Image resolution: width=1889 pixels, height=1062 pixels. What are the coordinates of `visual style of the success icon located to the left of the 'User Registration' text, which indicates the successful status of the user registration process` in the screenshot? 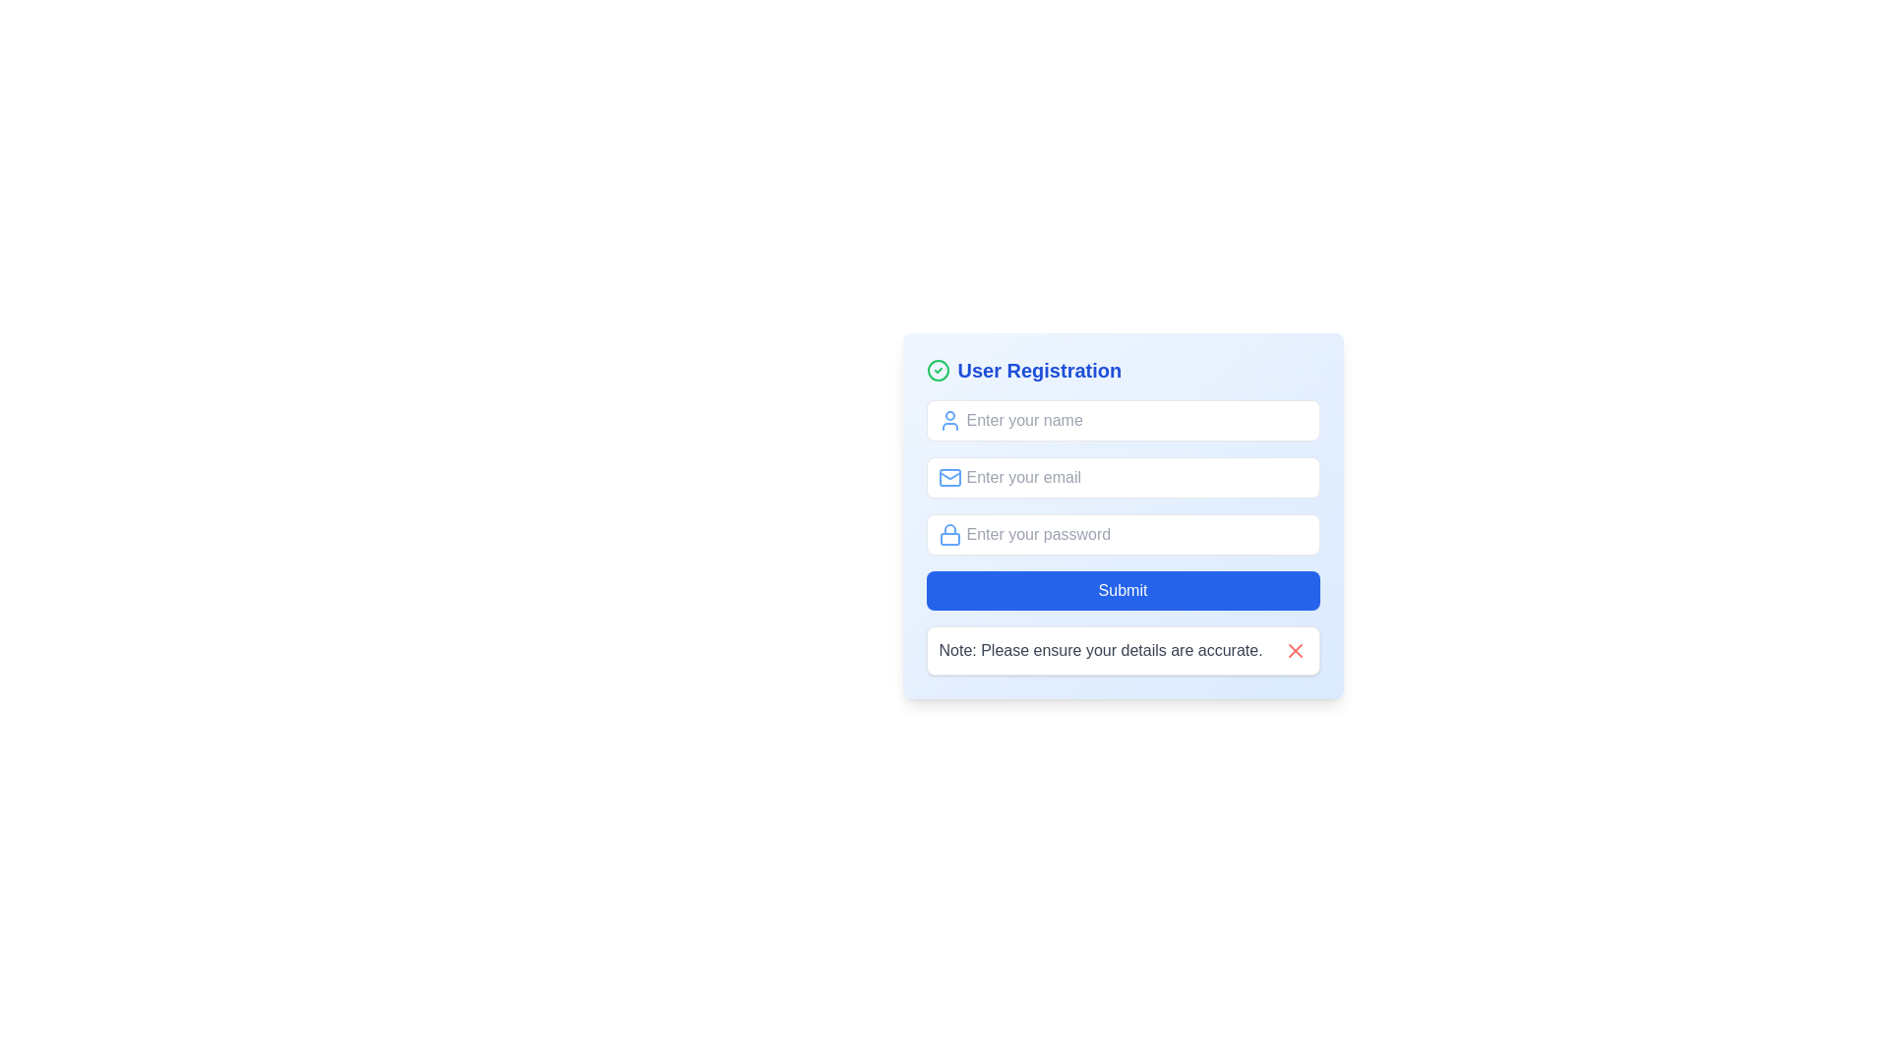 It's located at (937, 371).